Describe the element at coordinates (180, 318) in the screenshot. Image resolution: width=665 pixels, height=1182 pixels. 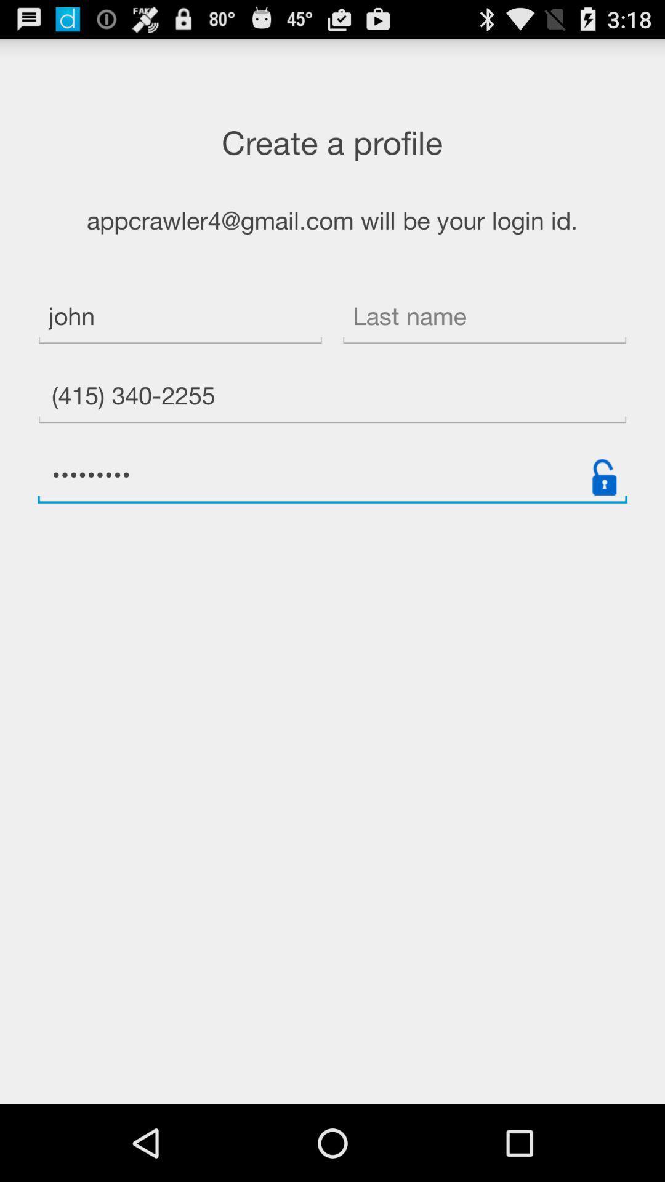
I see `john` at that location.